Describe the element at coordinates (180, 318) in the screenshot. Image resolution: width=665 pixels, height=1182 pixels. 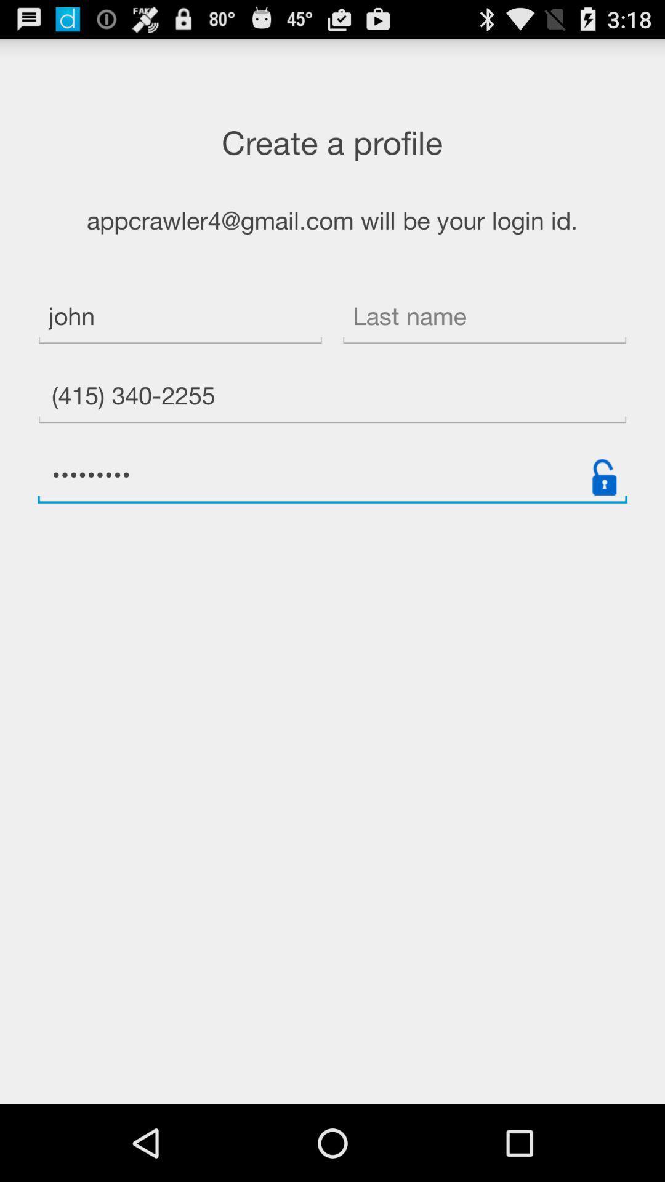
I see `john` at that location.